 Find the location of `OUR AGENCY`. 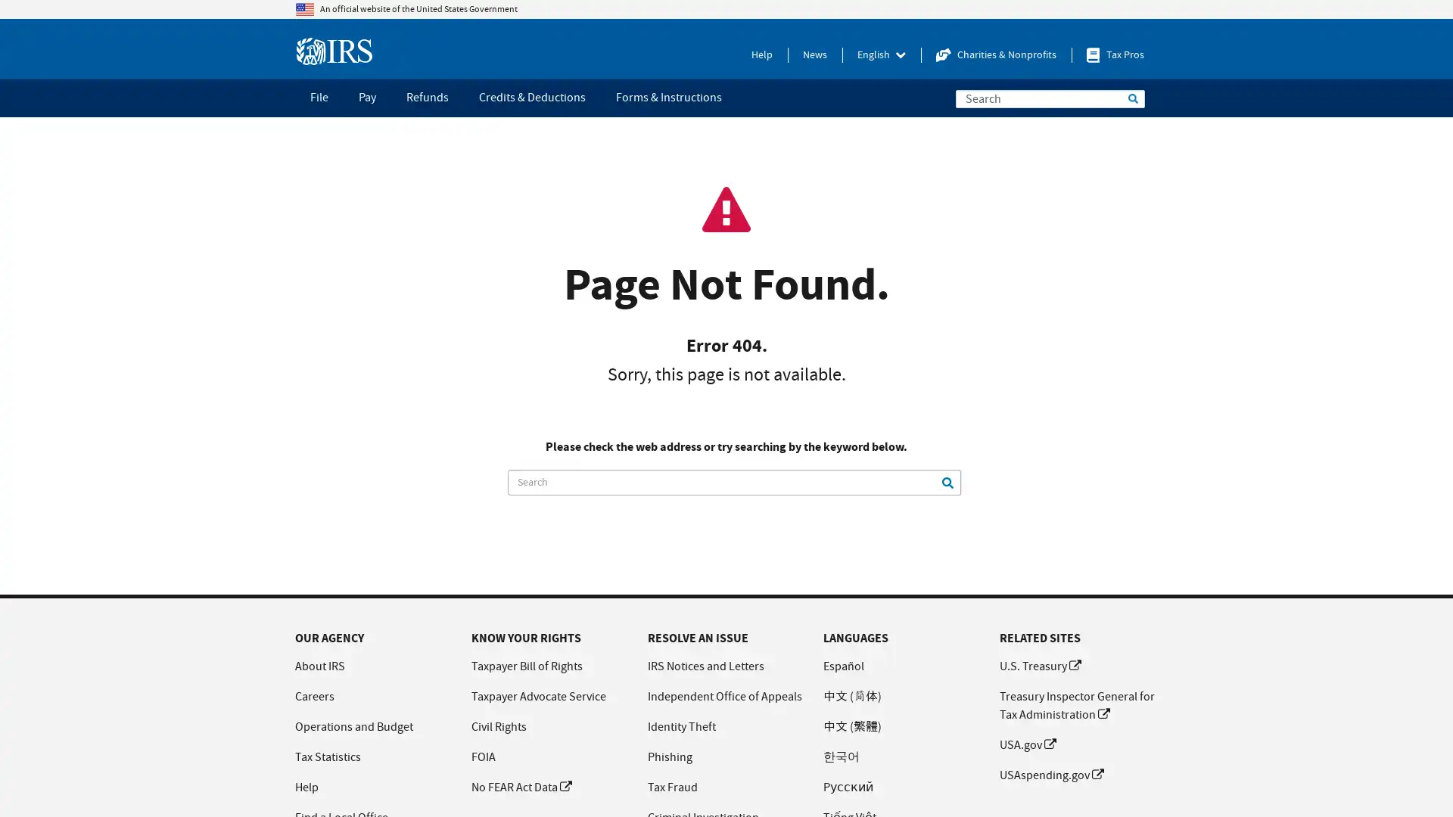

OUR AGENCY is located at coordinates (328, 638).